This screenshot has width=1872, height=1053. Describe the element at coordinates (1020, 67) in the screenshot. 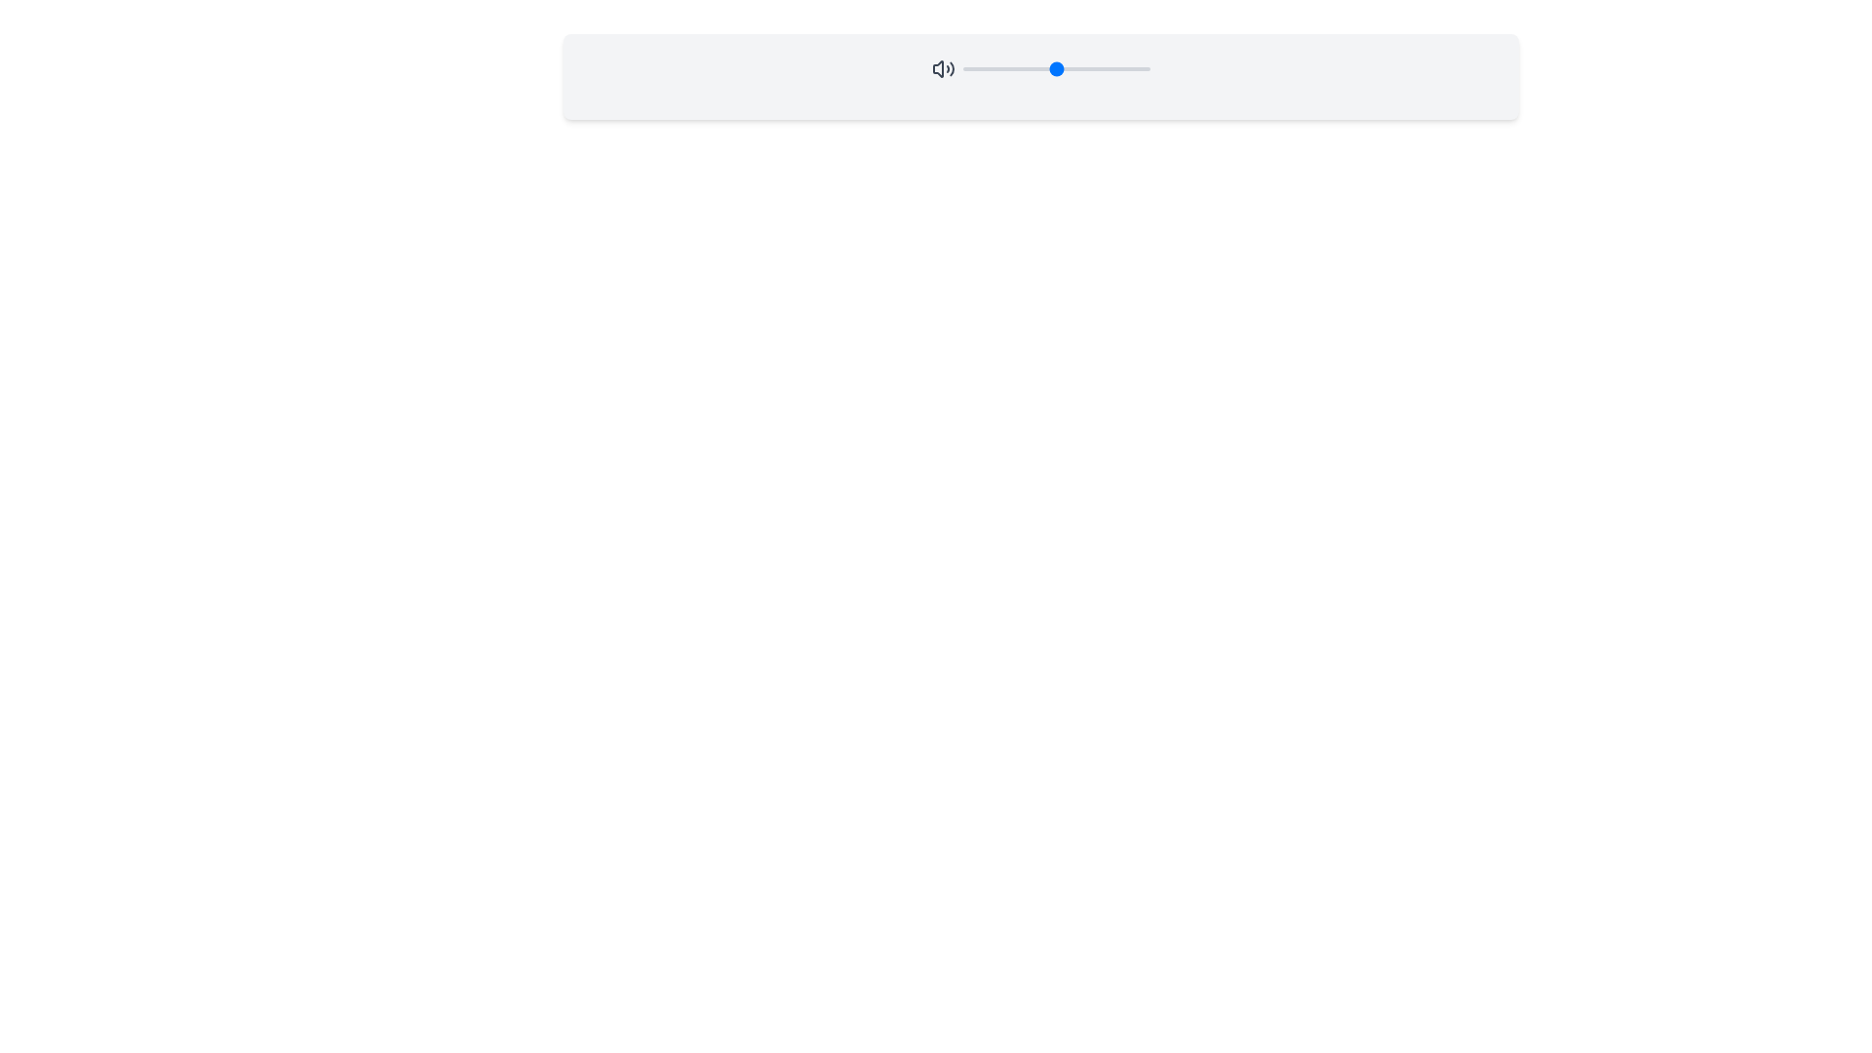

I see `volume level` at that location.